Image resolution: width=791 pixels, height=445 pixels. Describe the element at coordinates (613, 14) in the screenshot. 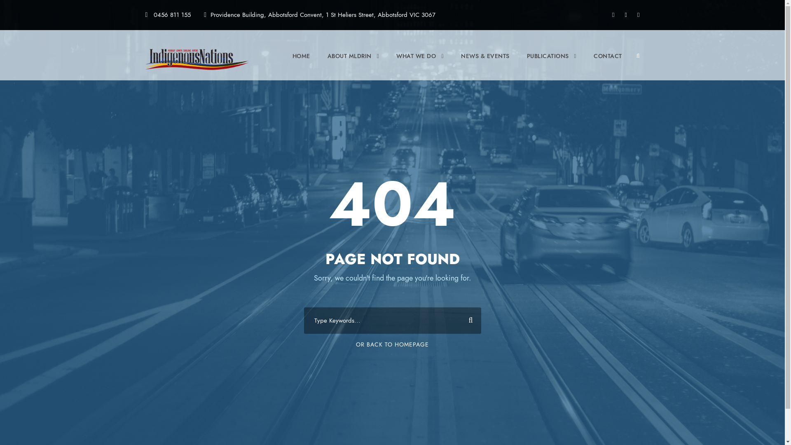

I see `'facebook'` at that location.